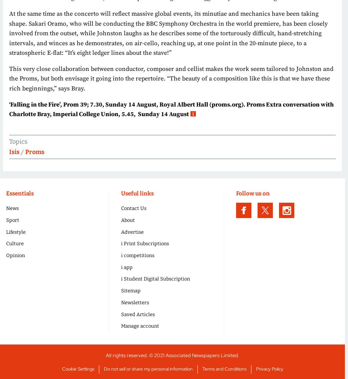 The width and height of the screenshot is (348, 379). What do you see at coordinates (155, 279) in the screenshot?
I see `'i Student Digital Subscription'` at bounding box center [155, 279].